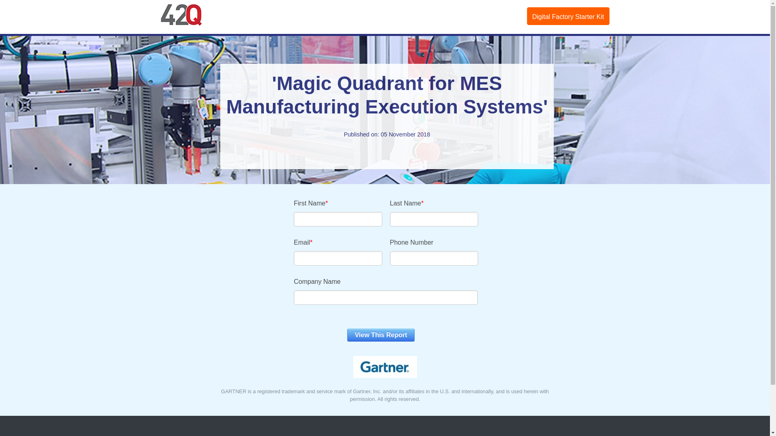  Describe the element at coordinates (568, 16) in the screenshot. I see `'Digital Factory Starter Kit'` at that location.